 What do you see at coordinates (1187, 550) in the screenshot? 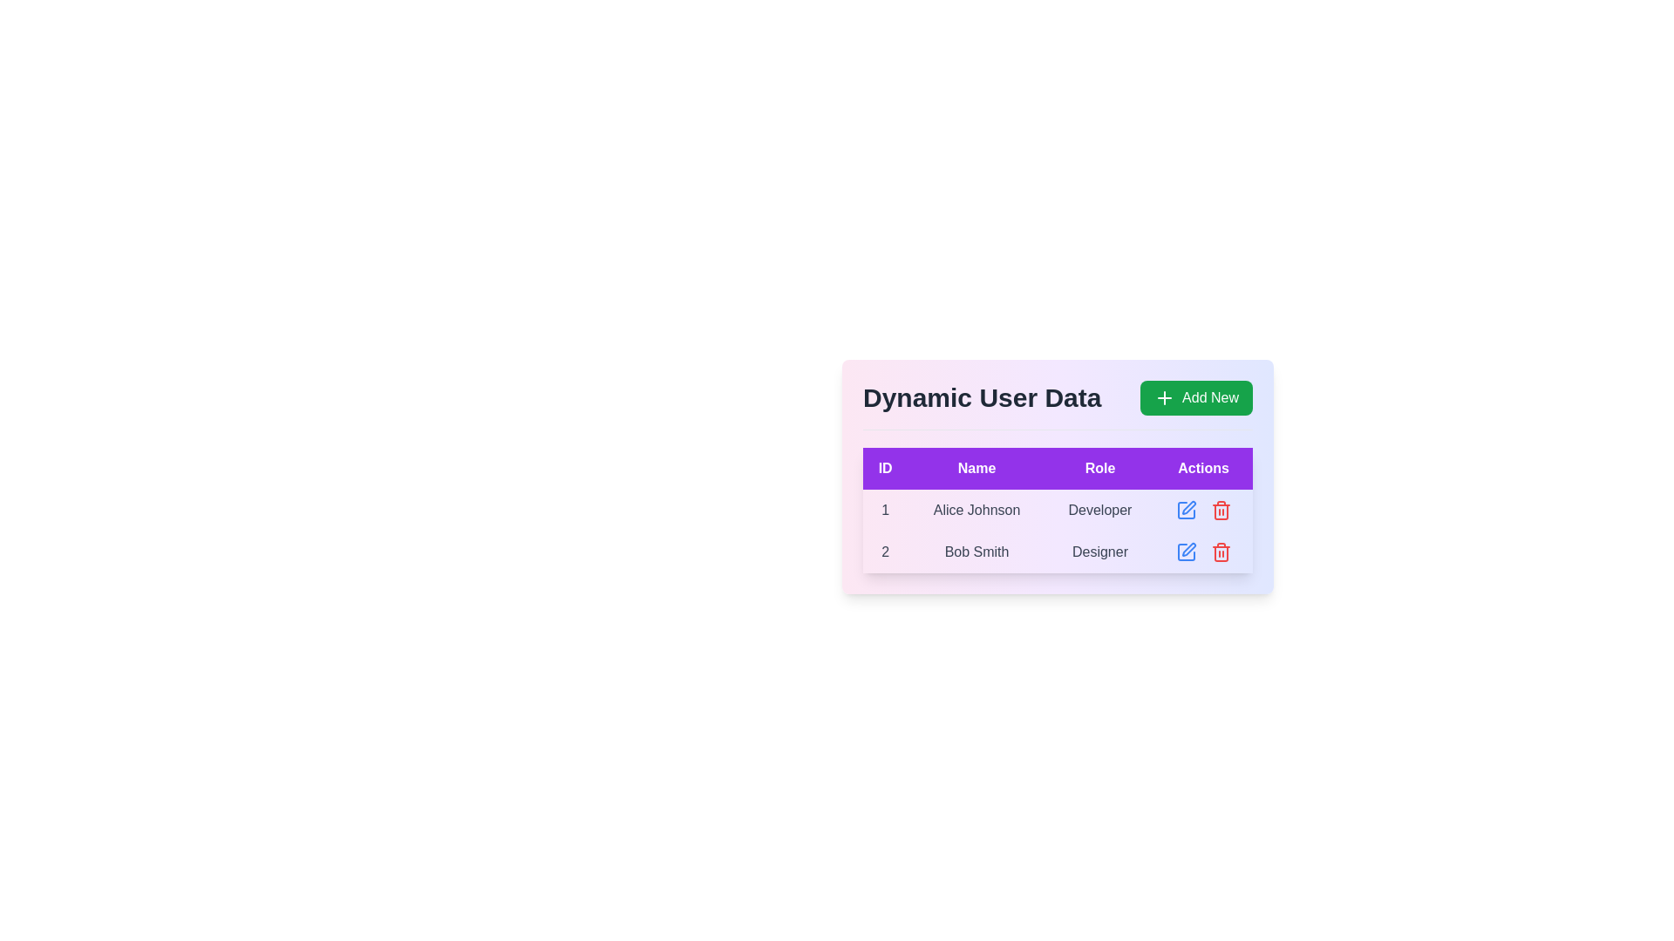
I see `the edit icon represented by a pen intersecting a square in the Actions column of the table corresponding to Alice Johnson` at bounding box center [1187, 550].